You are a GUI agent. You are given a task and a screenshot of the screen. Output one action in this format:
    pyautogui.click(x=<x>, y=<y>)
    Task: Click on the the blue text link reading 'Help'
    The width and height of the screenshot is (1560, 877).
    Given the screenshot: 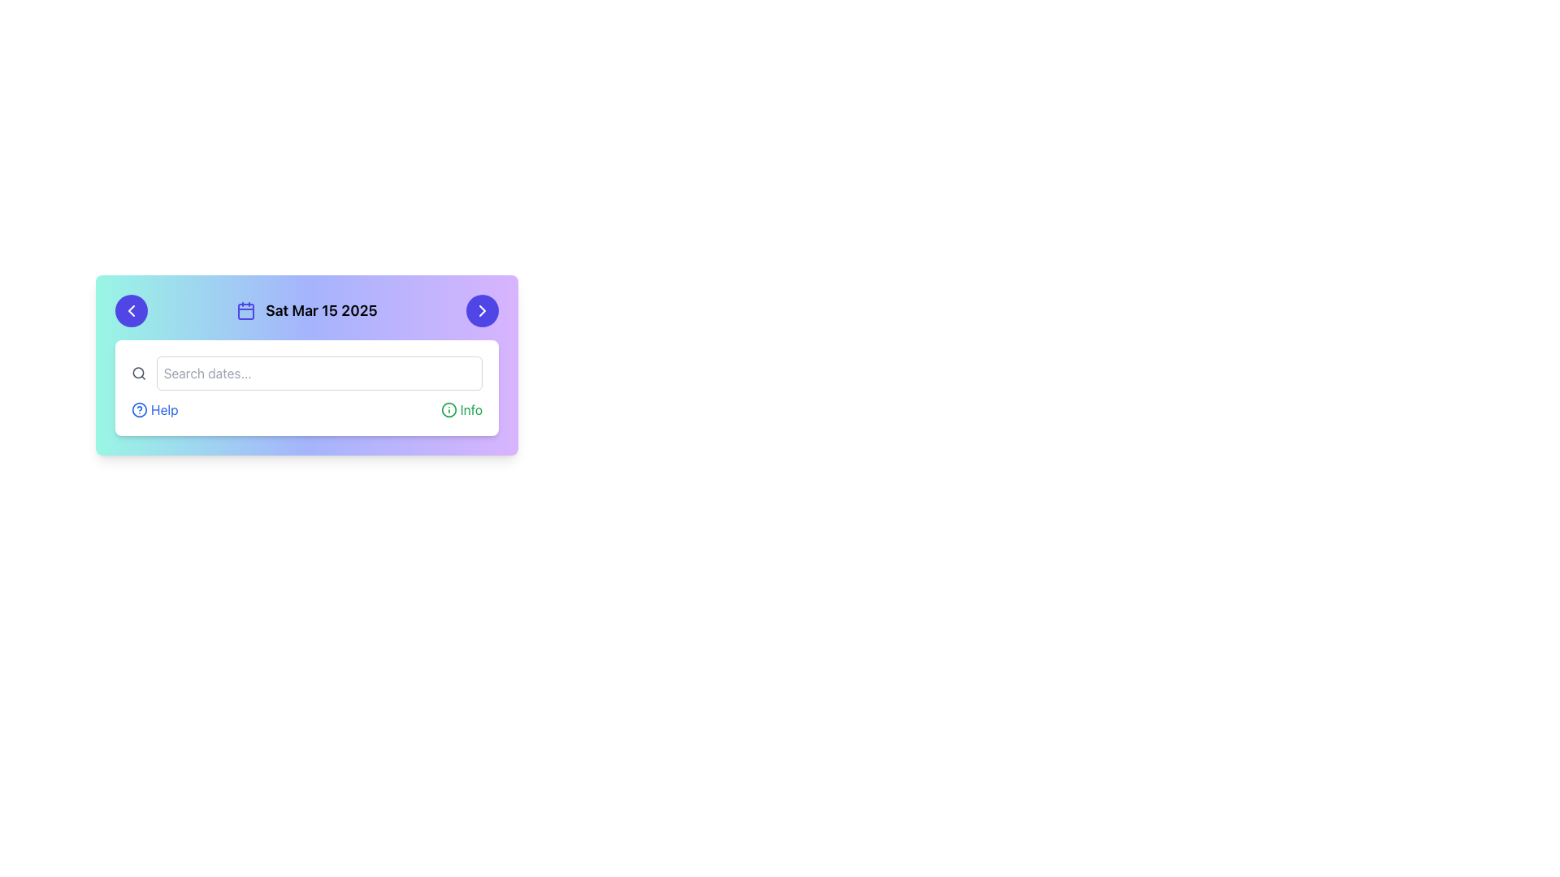 What is the action you would take?
    pyautogui.click(x=164, y=409)
    